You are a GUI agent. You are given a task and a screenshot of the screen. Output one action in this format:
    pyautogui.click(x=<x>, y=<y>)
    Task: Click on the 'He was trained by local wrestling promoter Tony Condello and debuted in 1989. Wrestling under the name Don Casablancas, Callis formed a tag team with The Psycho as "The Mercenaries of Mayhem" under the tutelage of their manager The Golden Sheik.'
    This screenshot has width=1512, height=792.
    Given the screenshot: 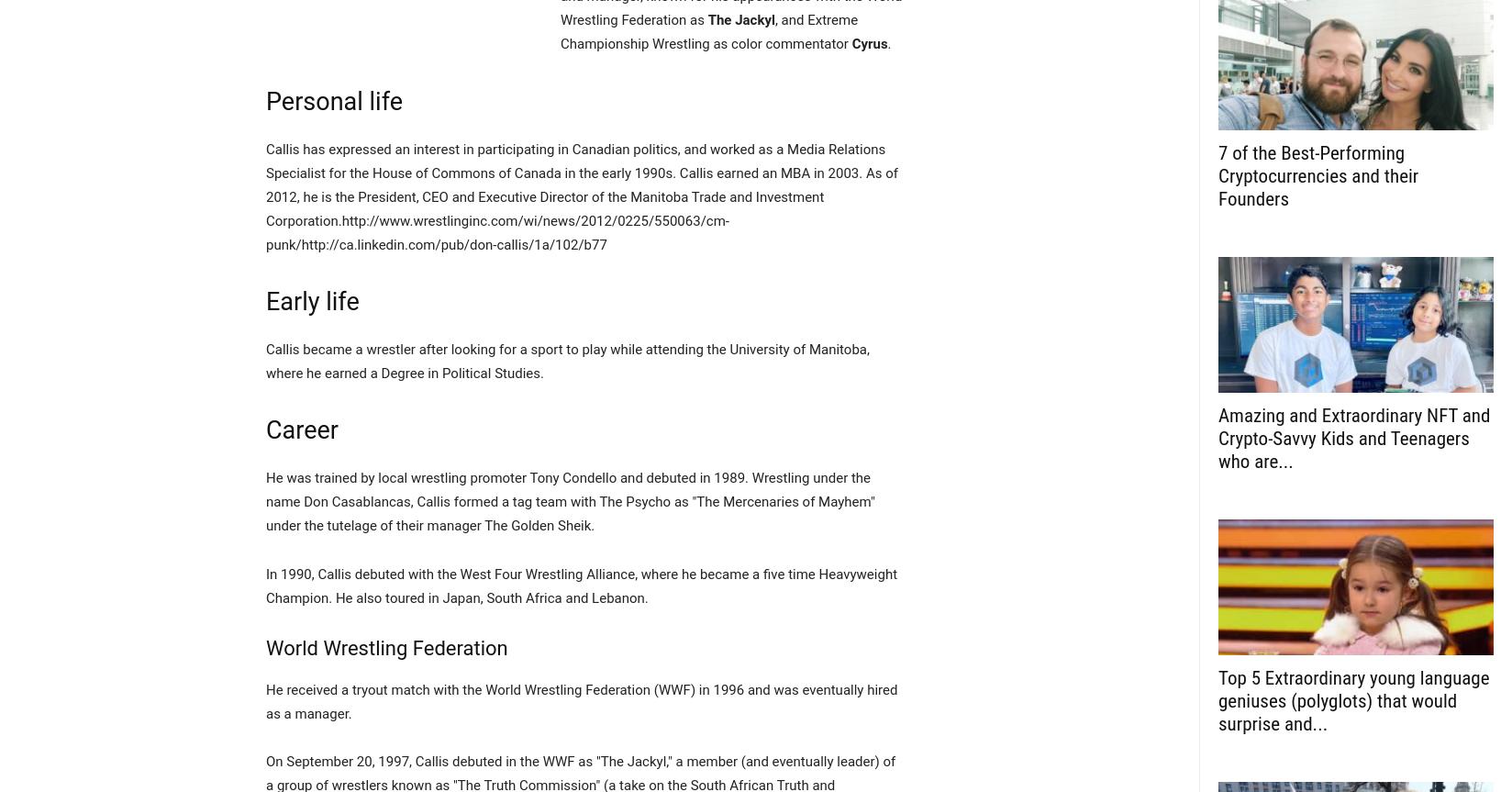 What is the action you would take?
    pyautogui.click(x=569, y=501)
    